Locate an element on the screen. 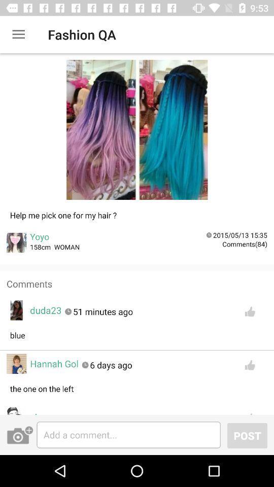  click the like symbol is located at coordinates (249, 411).